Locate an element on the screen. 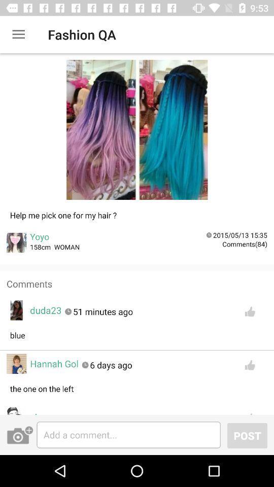  click the like symbol is located at coordinates (249, 411).